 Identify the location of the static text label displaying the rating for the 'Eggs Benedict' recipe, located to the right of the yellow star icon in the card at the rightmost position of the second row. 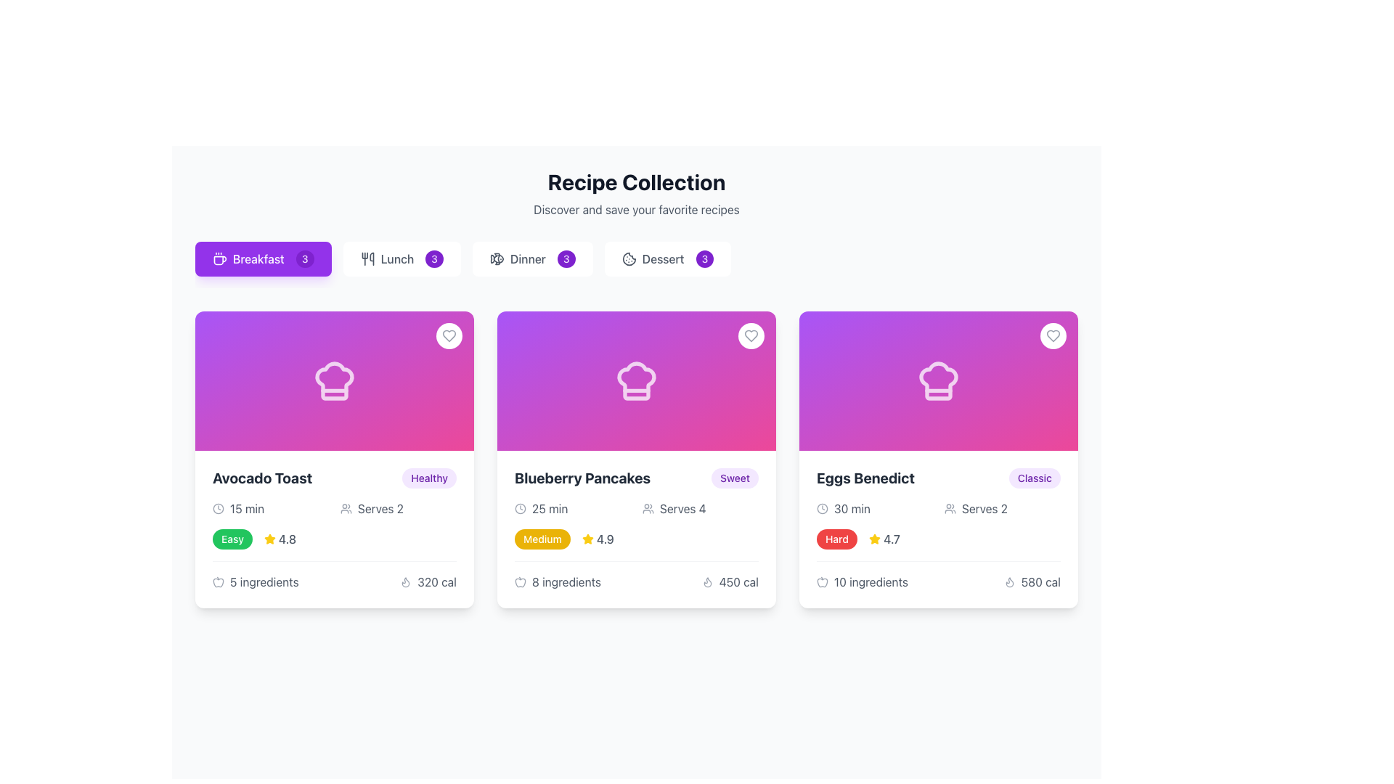
(891, 539).